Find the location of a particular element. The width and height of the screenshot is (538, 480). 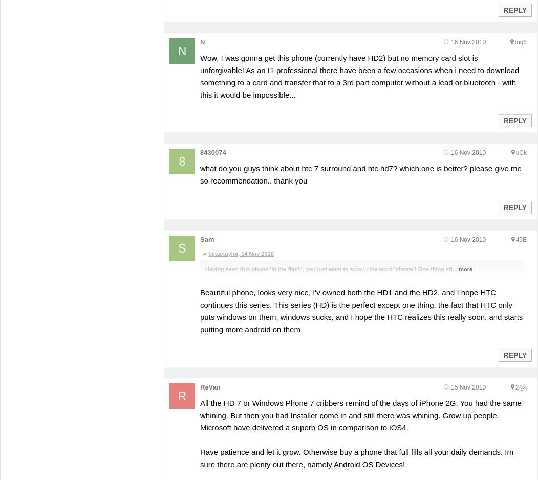

'8430074' is located at coordinates (212, 152).